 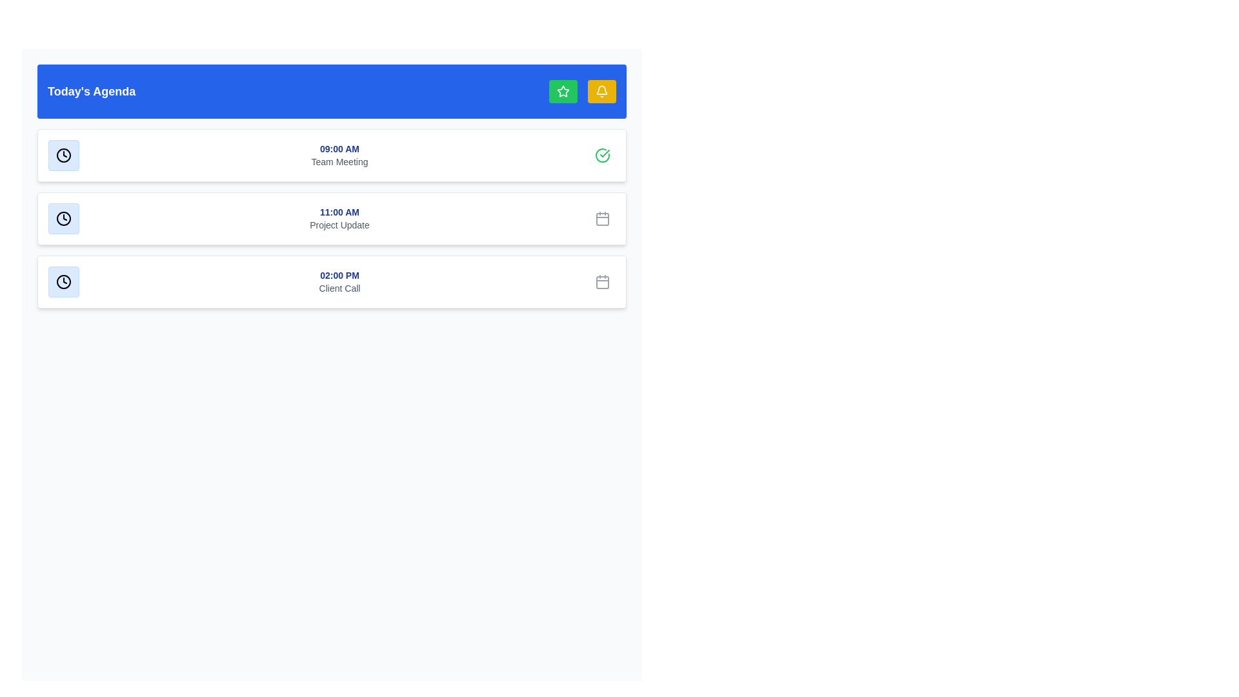 I want to click on the star icon located in the top right corner of the blue rectangular header titled 'Today's Agenda' to mark it as favorite, so click(x=581, y=91).